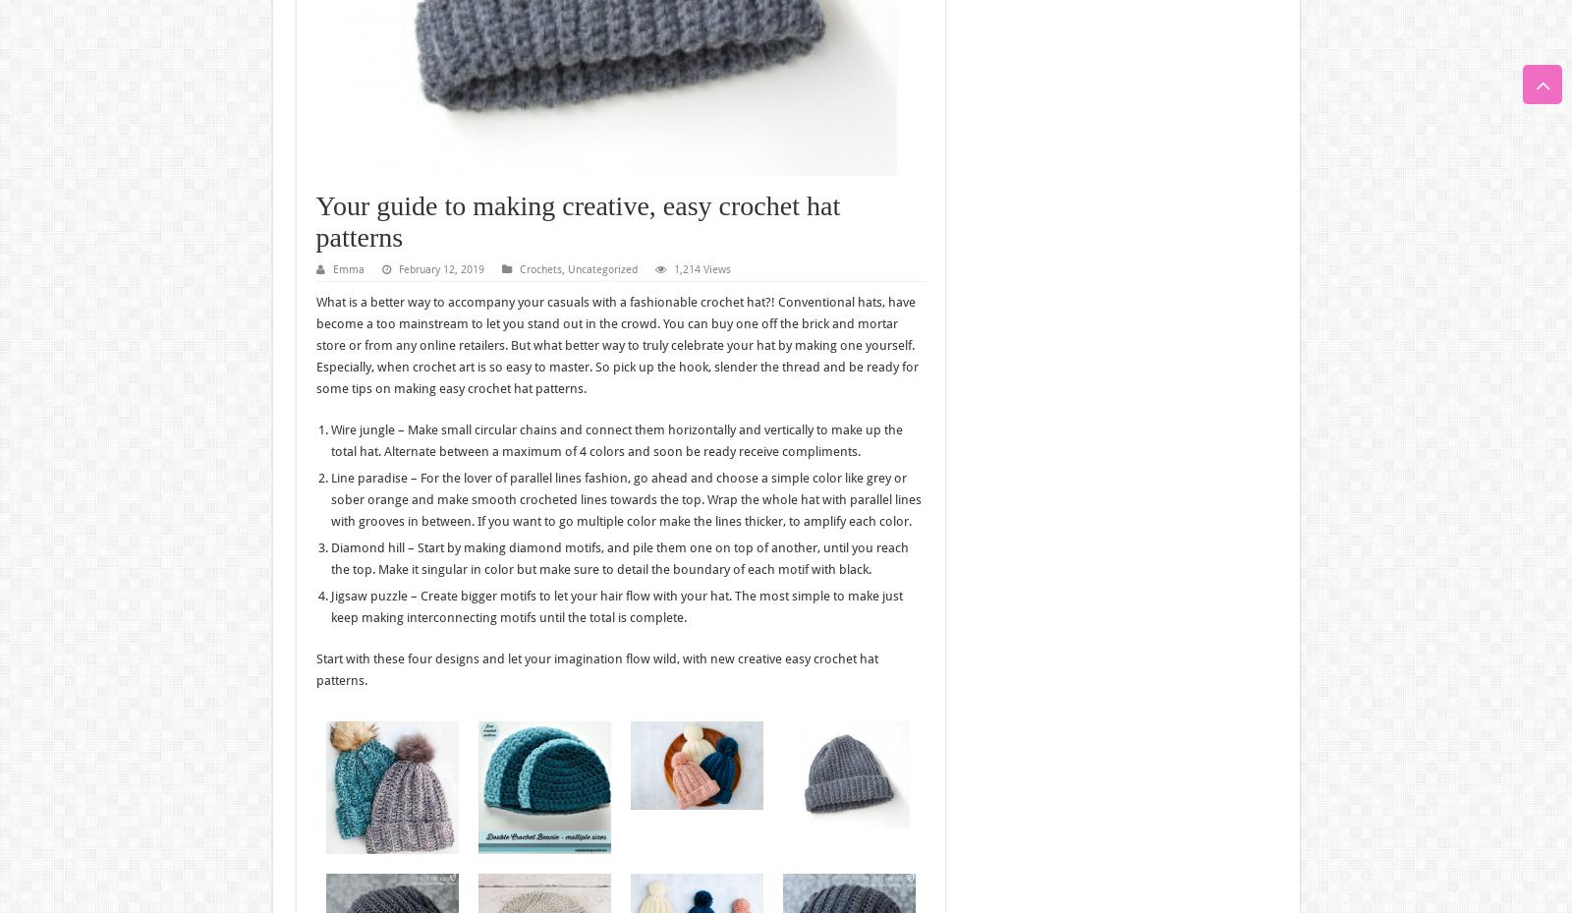  Describe the element at coordinates (348, 268) in the screenshot. I see `'Emma'` at that location.